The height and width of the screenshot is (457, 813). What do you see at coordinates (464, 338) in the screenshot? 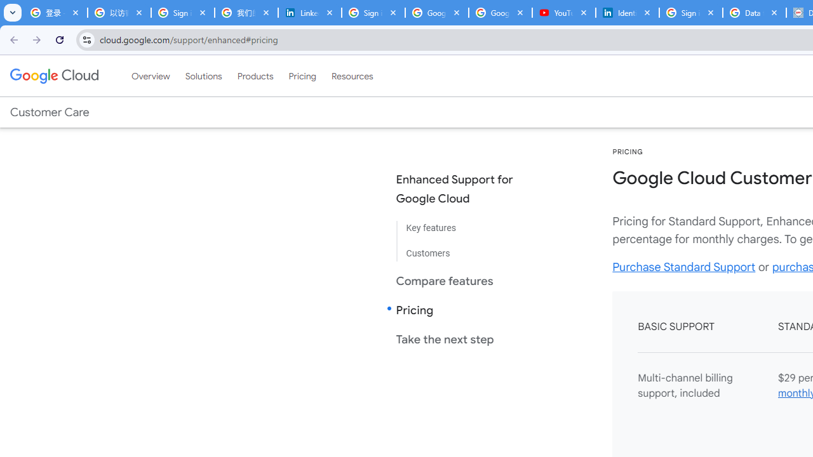
I see `'Take the next step'` at bounding box center [464, 338].